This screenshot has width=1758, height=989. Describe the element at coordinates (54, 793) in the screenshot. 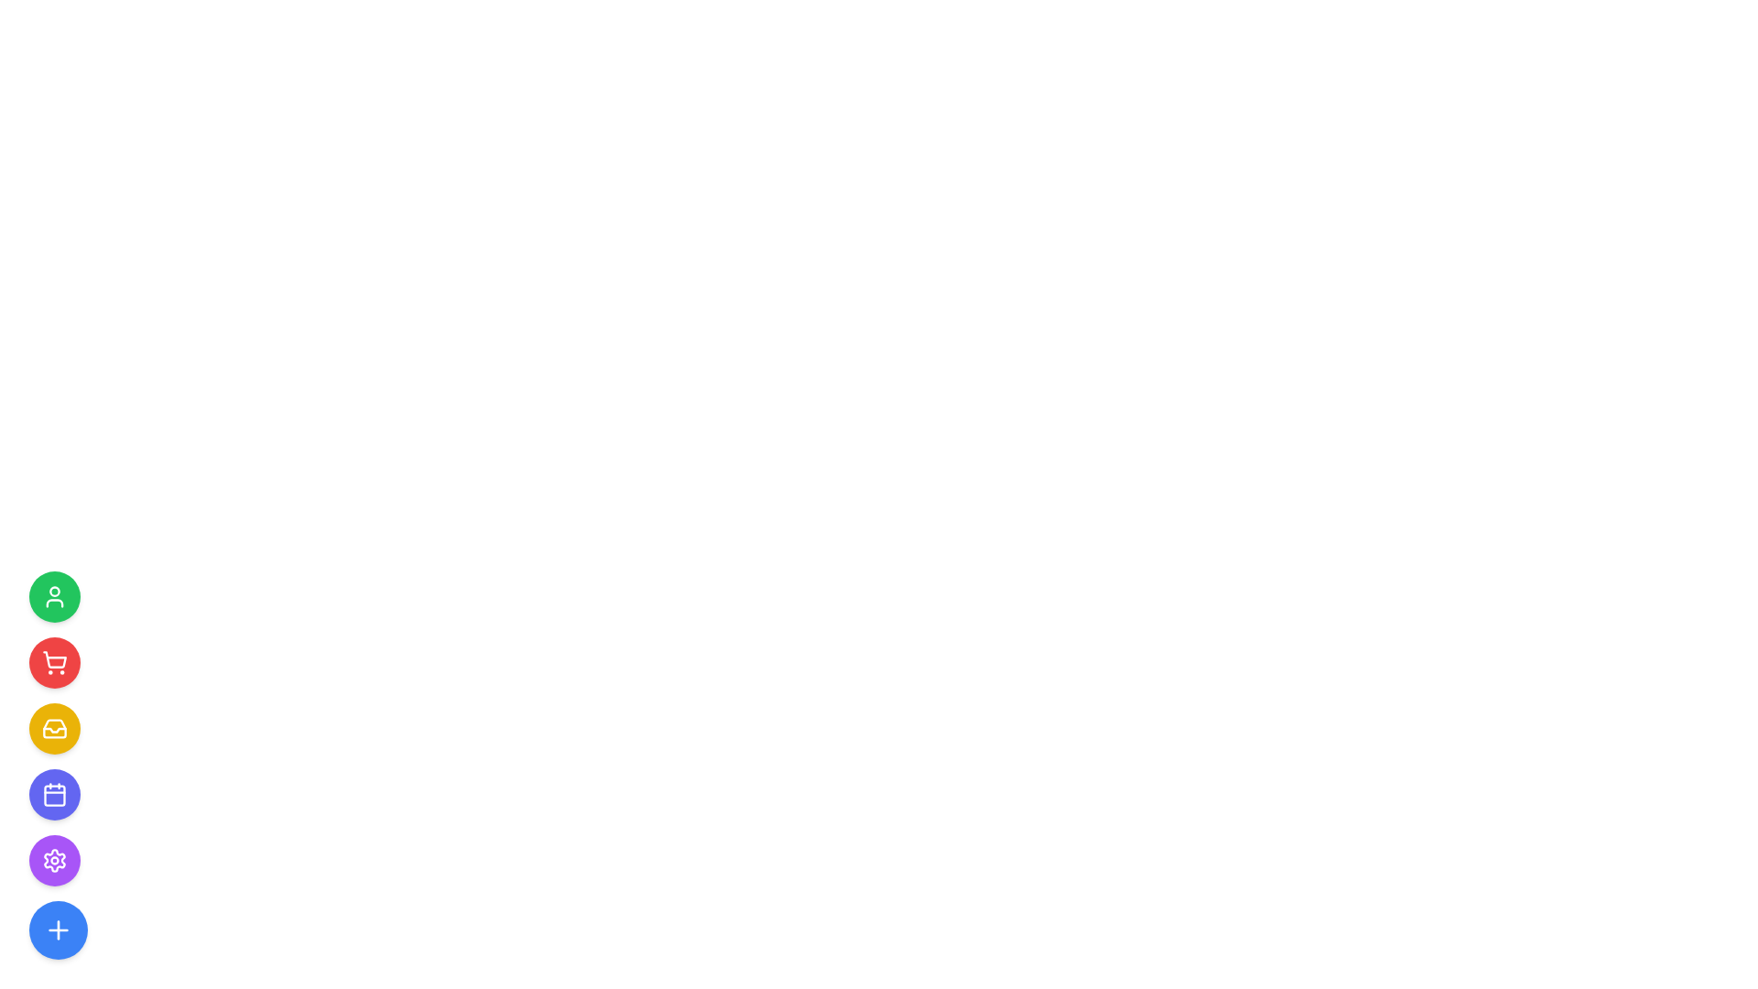

I see `the fourth circular icon button from the top on the left side of the interface` at that location.